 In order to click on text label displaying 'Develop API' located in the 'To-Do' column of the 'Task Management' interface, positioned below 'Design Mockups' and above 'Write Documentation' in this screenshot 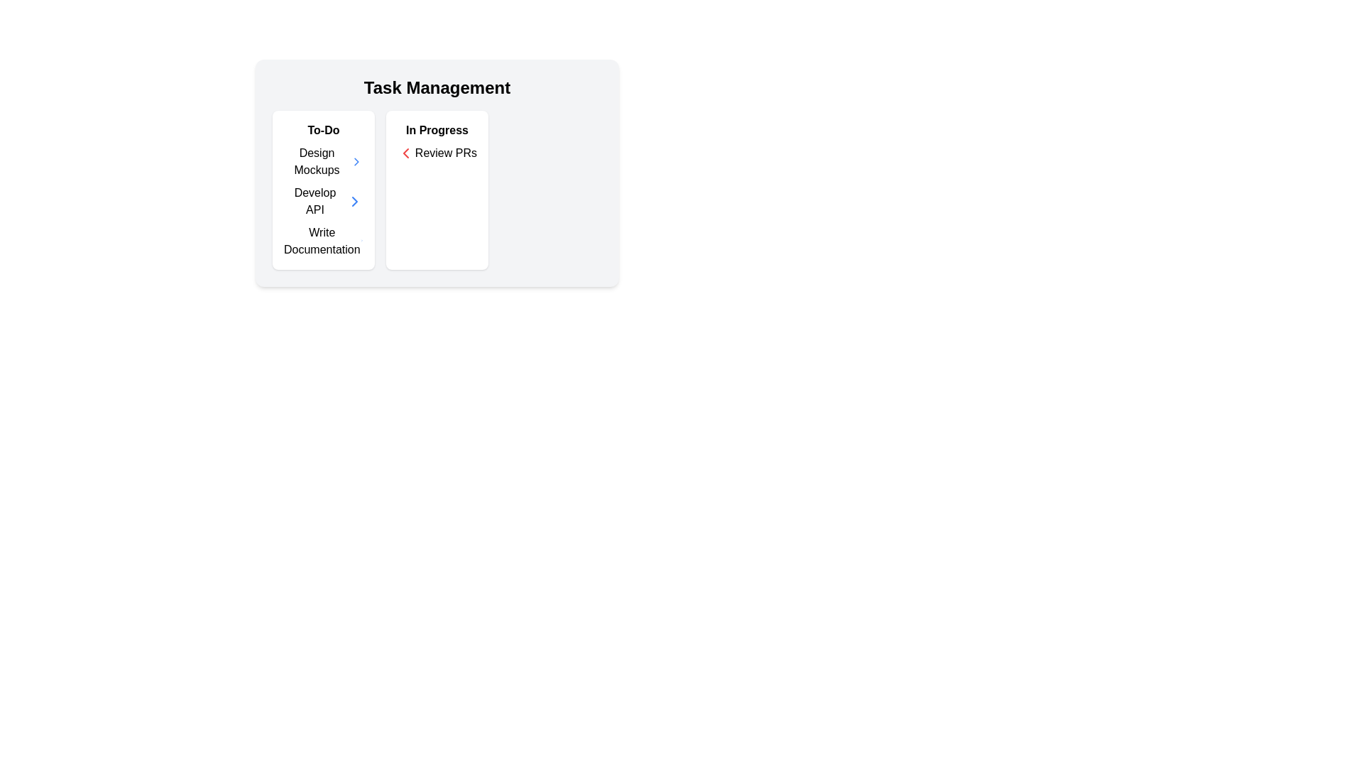, I will do `click(314, 202)`.